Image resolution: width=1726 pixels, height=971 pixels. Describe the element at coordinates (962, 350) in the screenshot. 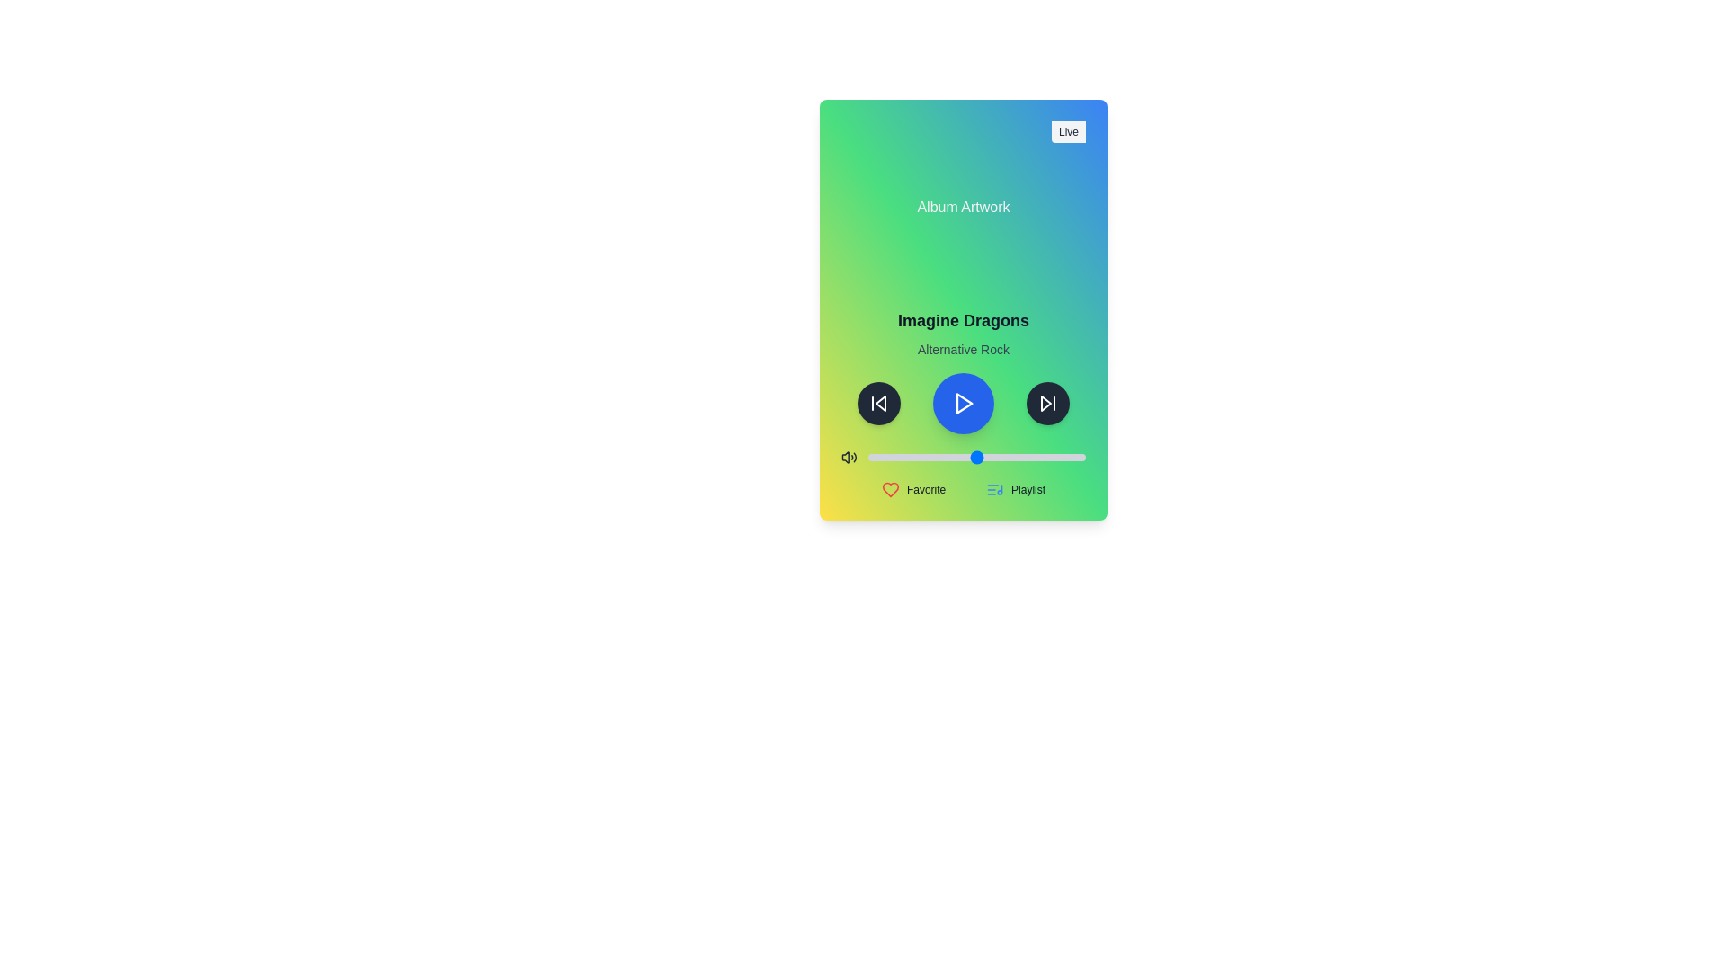

I see `the text label that serves as a subtitle or genre tag for the music player, located directly below the title 'Imagine Dragons'` at that location.